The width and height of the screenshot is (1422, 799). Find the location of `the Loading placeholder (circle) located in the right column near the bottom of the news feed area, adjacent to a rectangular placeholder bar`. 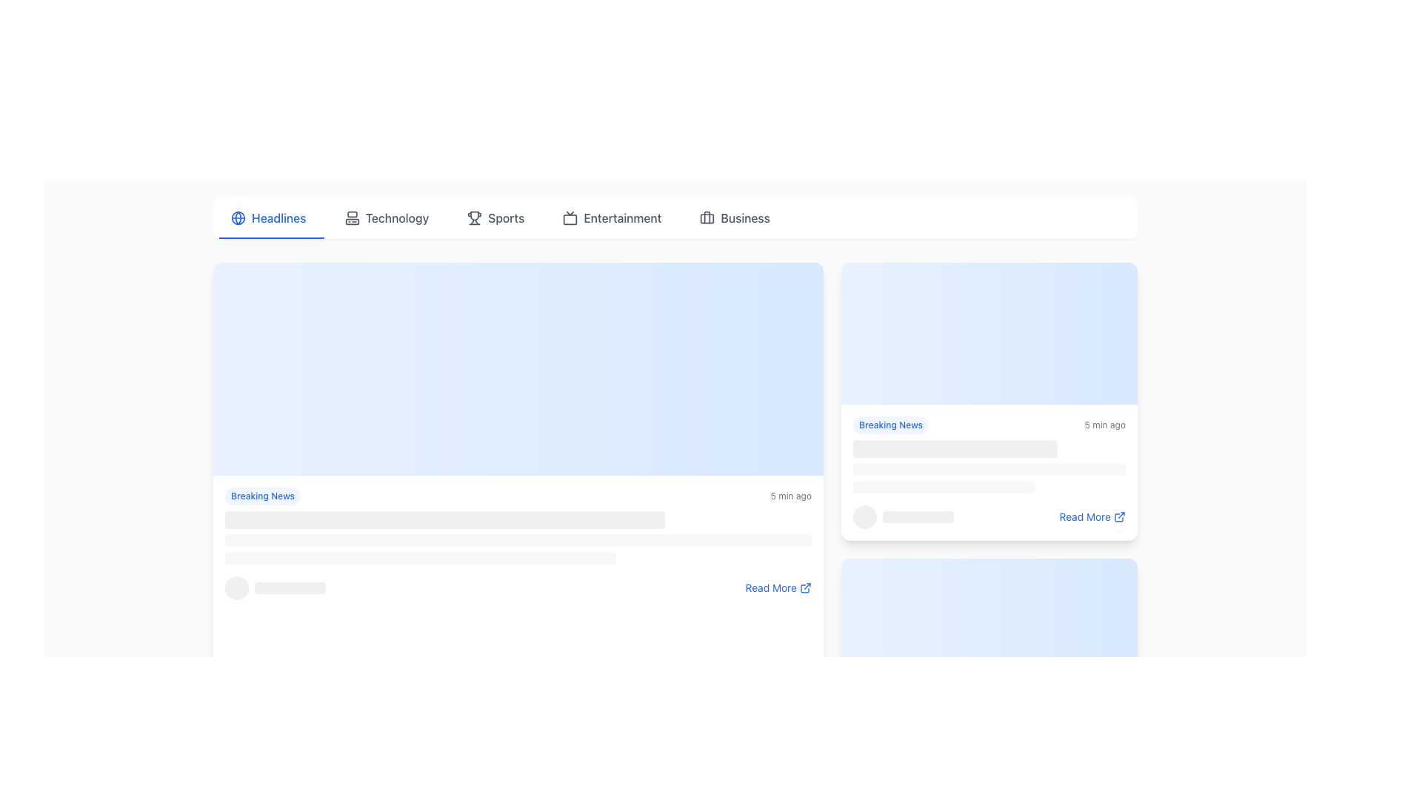

the Loading placeholder (circle) located in the right column near the bottom of the news feed area, adjacent to a rectangular placeholder bar is located at coordinates (864, 516).